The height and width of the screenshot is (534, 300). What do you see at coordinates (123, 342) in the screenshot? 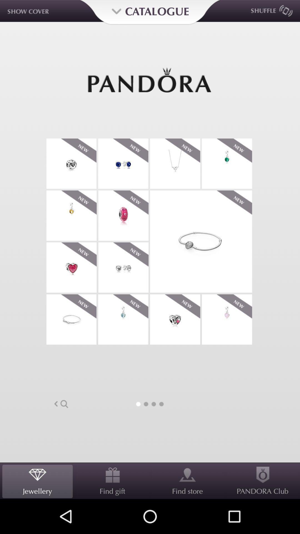
I see `the star icon` at bounding box center [123, 342].